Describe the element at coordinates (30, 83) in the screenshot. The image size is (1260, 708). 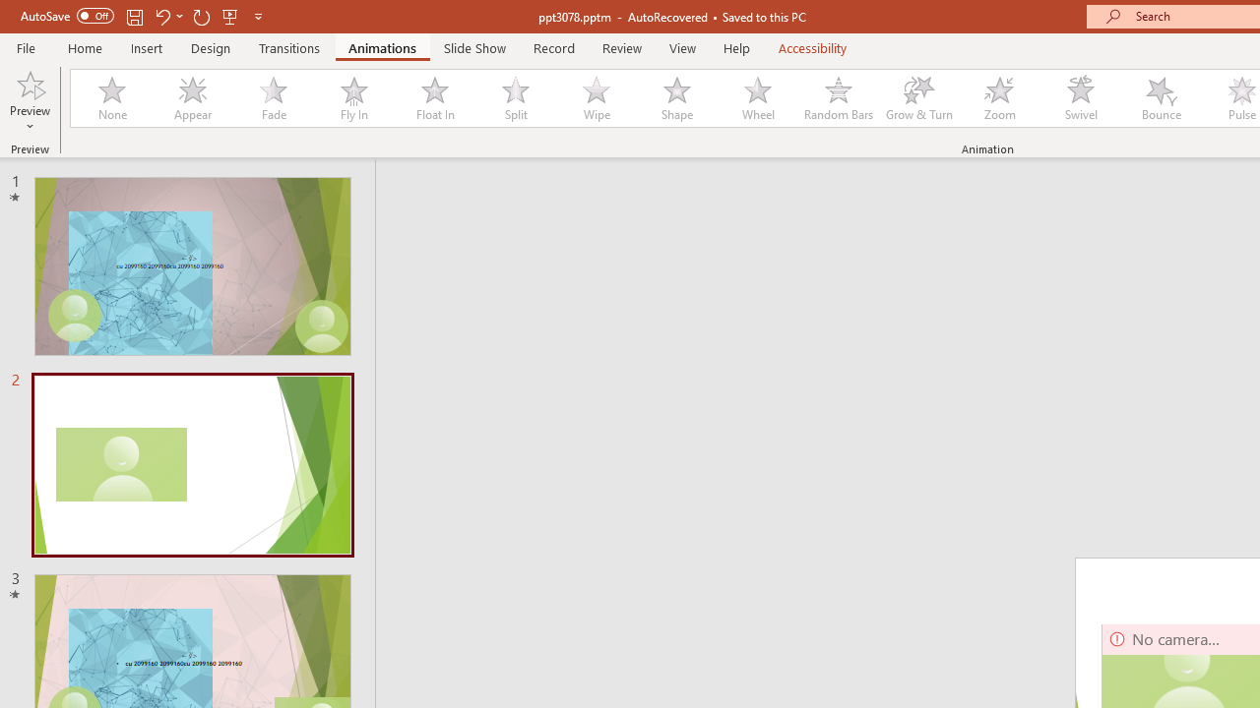
I see `'Preview'` at that location.